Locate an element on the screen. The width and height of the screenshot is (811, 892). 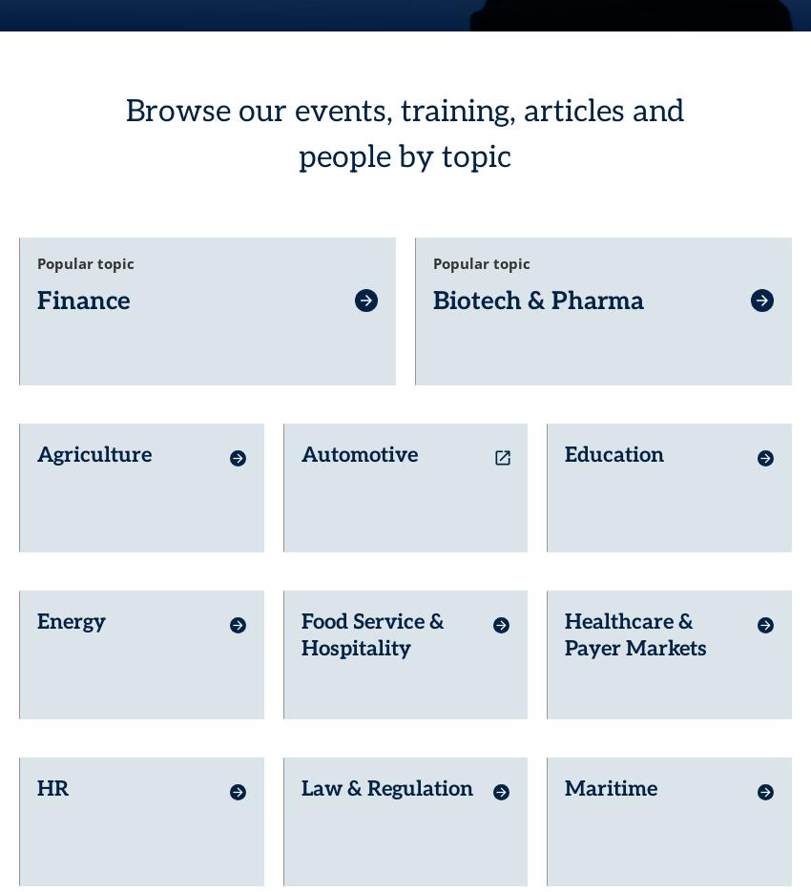
'Automotive' is located at coordinates (358, 420).